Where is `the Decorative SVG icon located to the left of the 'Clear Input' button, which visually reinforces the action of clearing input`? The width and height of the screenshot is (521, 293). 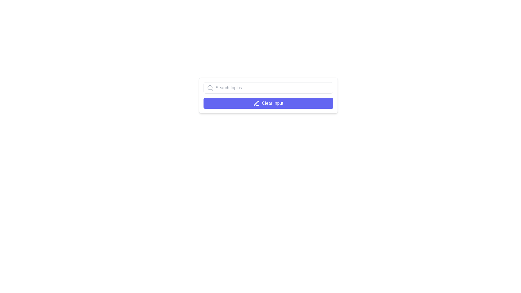
the Decorative SVG icon located to the left of the 'Clear Input' button, which visually reinforces the action of clearing input is located at coordinates (256, 103).